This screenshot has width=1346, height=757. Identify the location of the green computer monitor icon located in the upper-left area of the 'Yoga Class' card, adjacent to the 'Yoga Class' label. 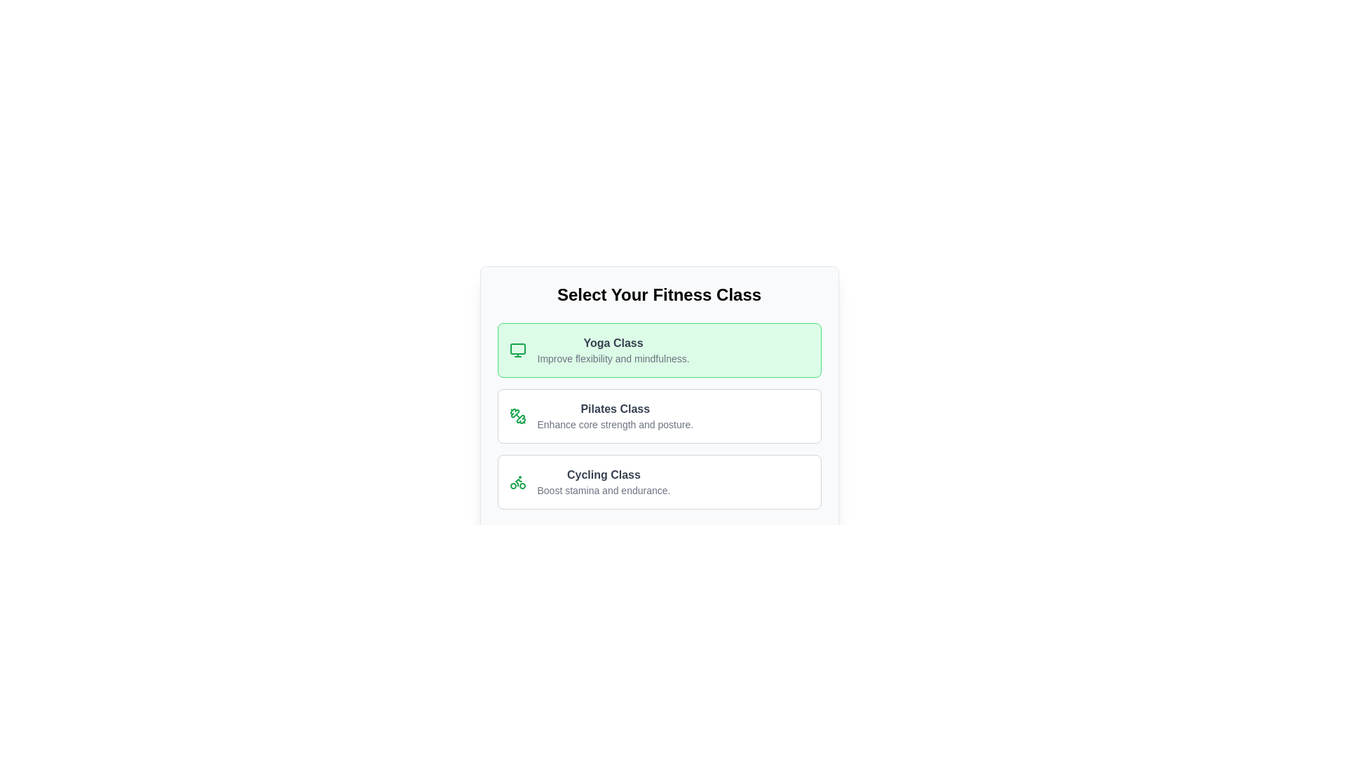
(517, 350).